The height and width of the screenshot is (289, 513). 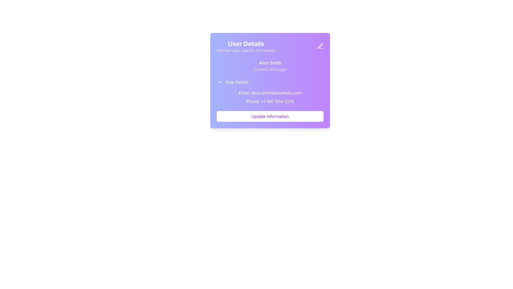 I want to click on the header text located at the top of the purple gradient panel, which serves as a title and brief description for the content below, so click(x=246, y=46).